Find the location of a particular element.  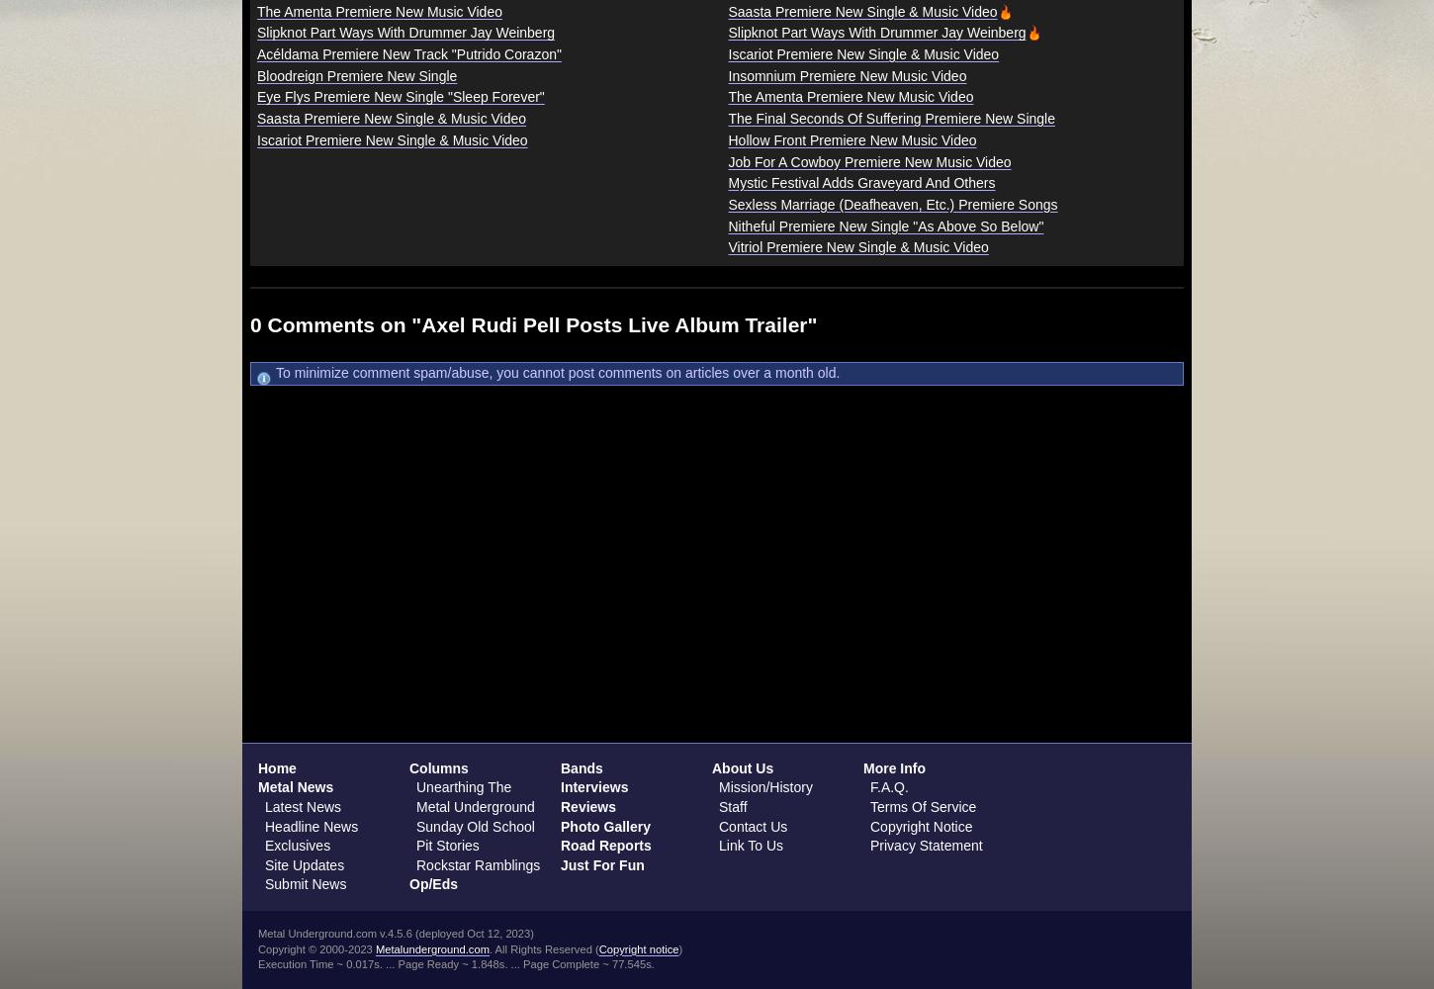

'Pit Stories' is located at coordinates (446, 845).